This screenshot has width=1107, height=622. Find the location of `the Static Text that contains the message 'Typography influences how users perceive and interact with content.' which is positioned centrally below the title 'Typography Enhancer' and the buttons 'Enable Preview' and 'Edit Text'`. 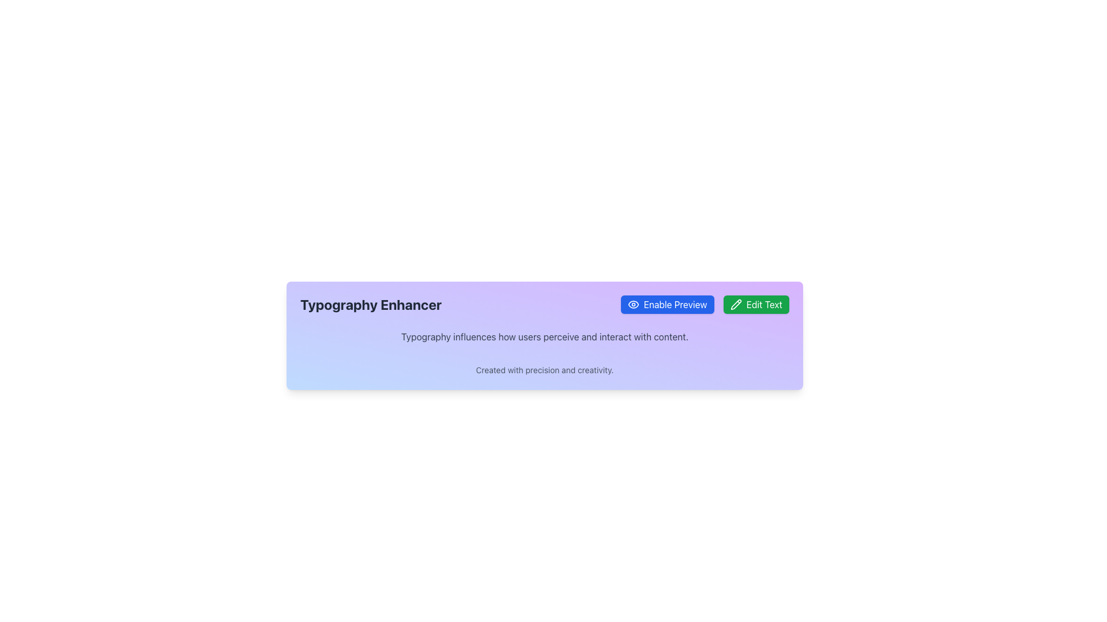

the Static Text that contains the message 'Typography influences how users perceive and interact with content.' which is positioned centrally below the title 'Typography Enhancer' and the buttons 'Enable Preview' and 'Edit Text' is located at coordinates (544, 337).